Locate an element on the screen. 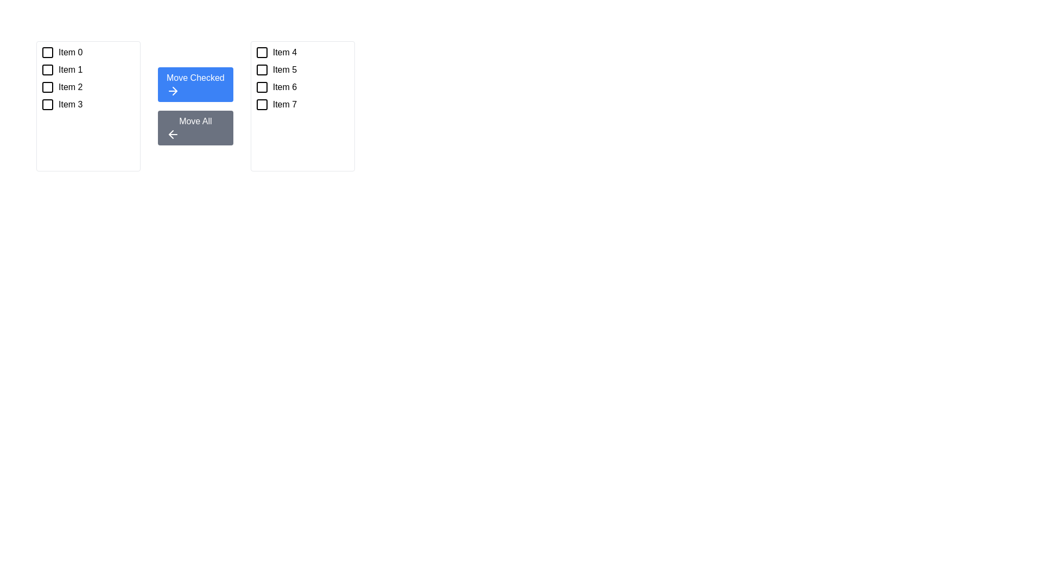 This screenshot has width=1042, height=586. the graphical square representing the checkbox for 'Item 0', which is located in the leftmost column of the list is located at coordinates (47, 52).